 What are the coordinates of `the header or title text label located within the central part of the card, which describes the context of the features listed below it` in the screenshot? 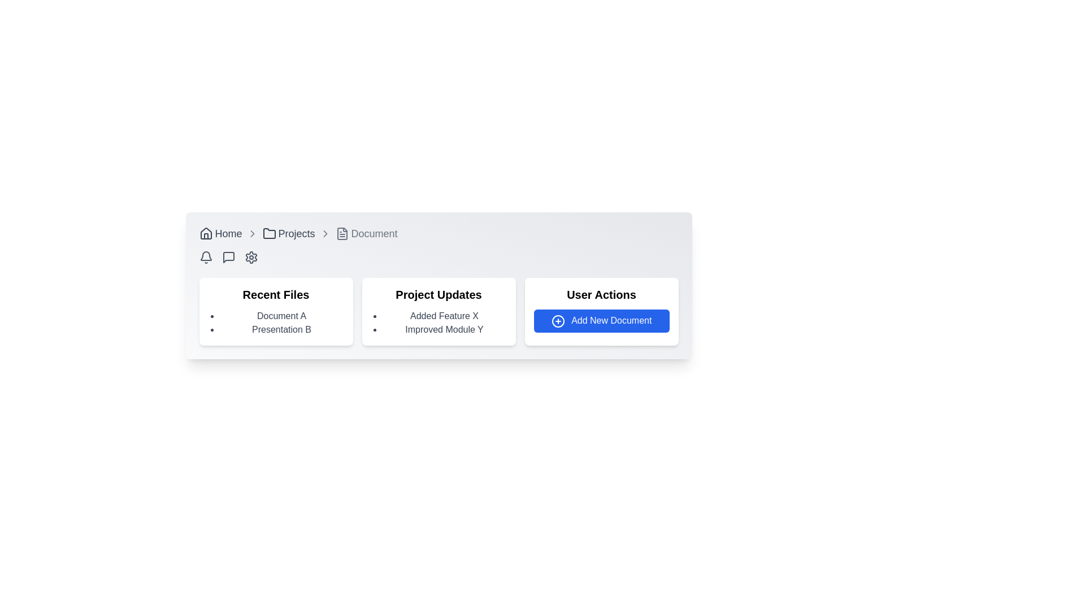 It's located at (438, 294).